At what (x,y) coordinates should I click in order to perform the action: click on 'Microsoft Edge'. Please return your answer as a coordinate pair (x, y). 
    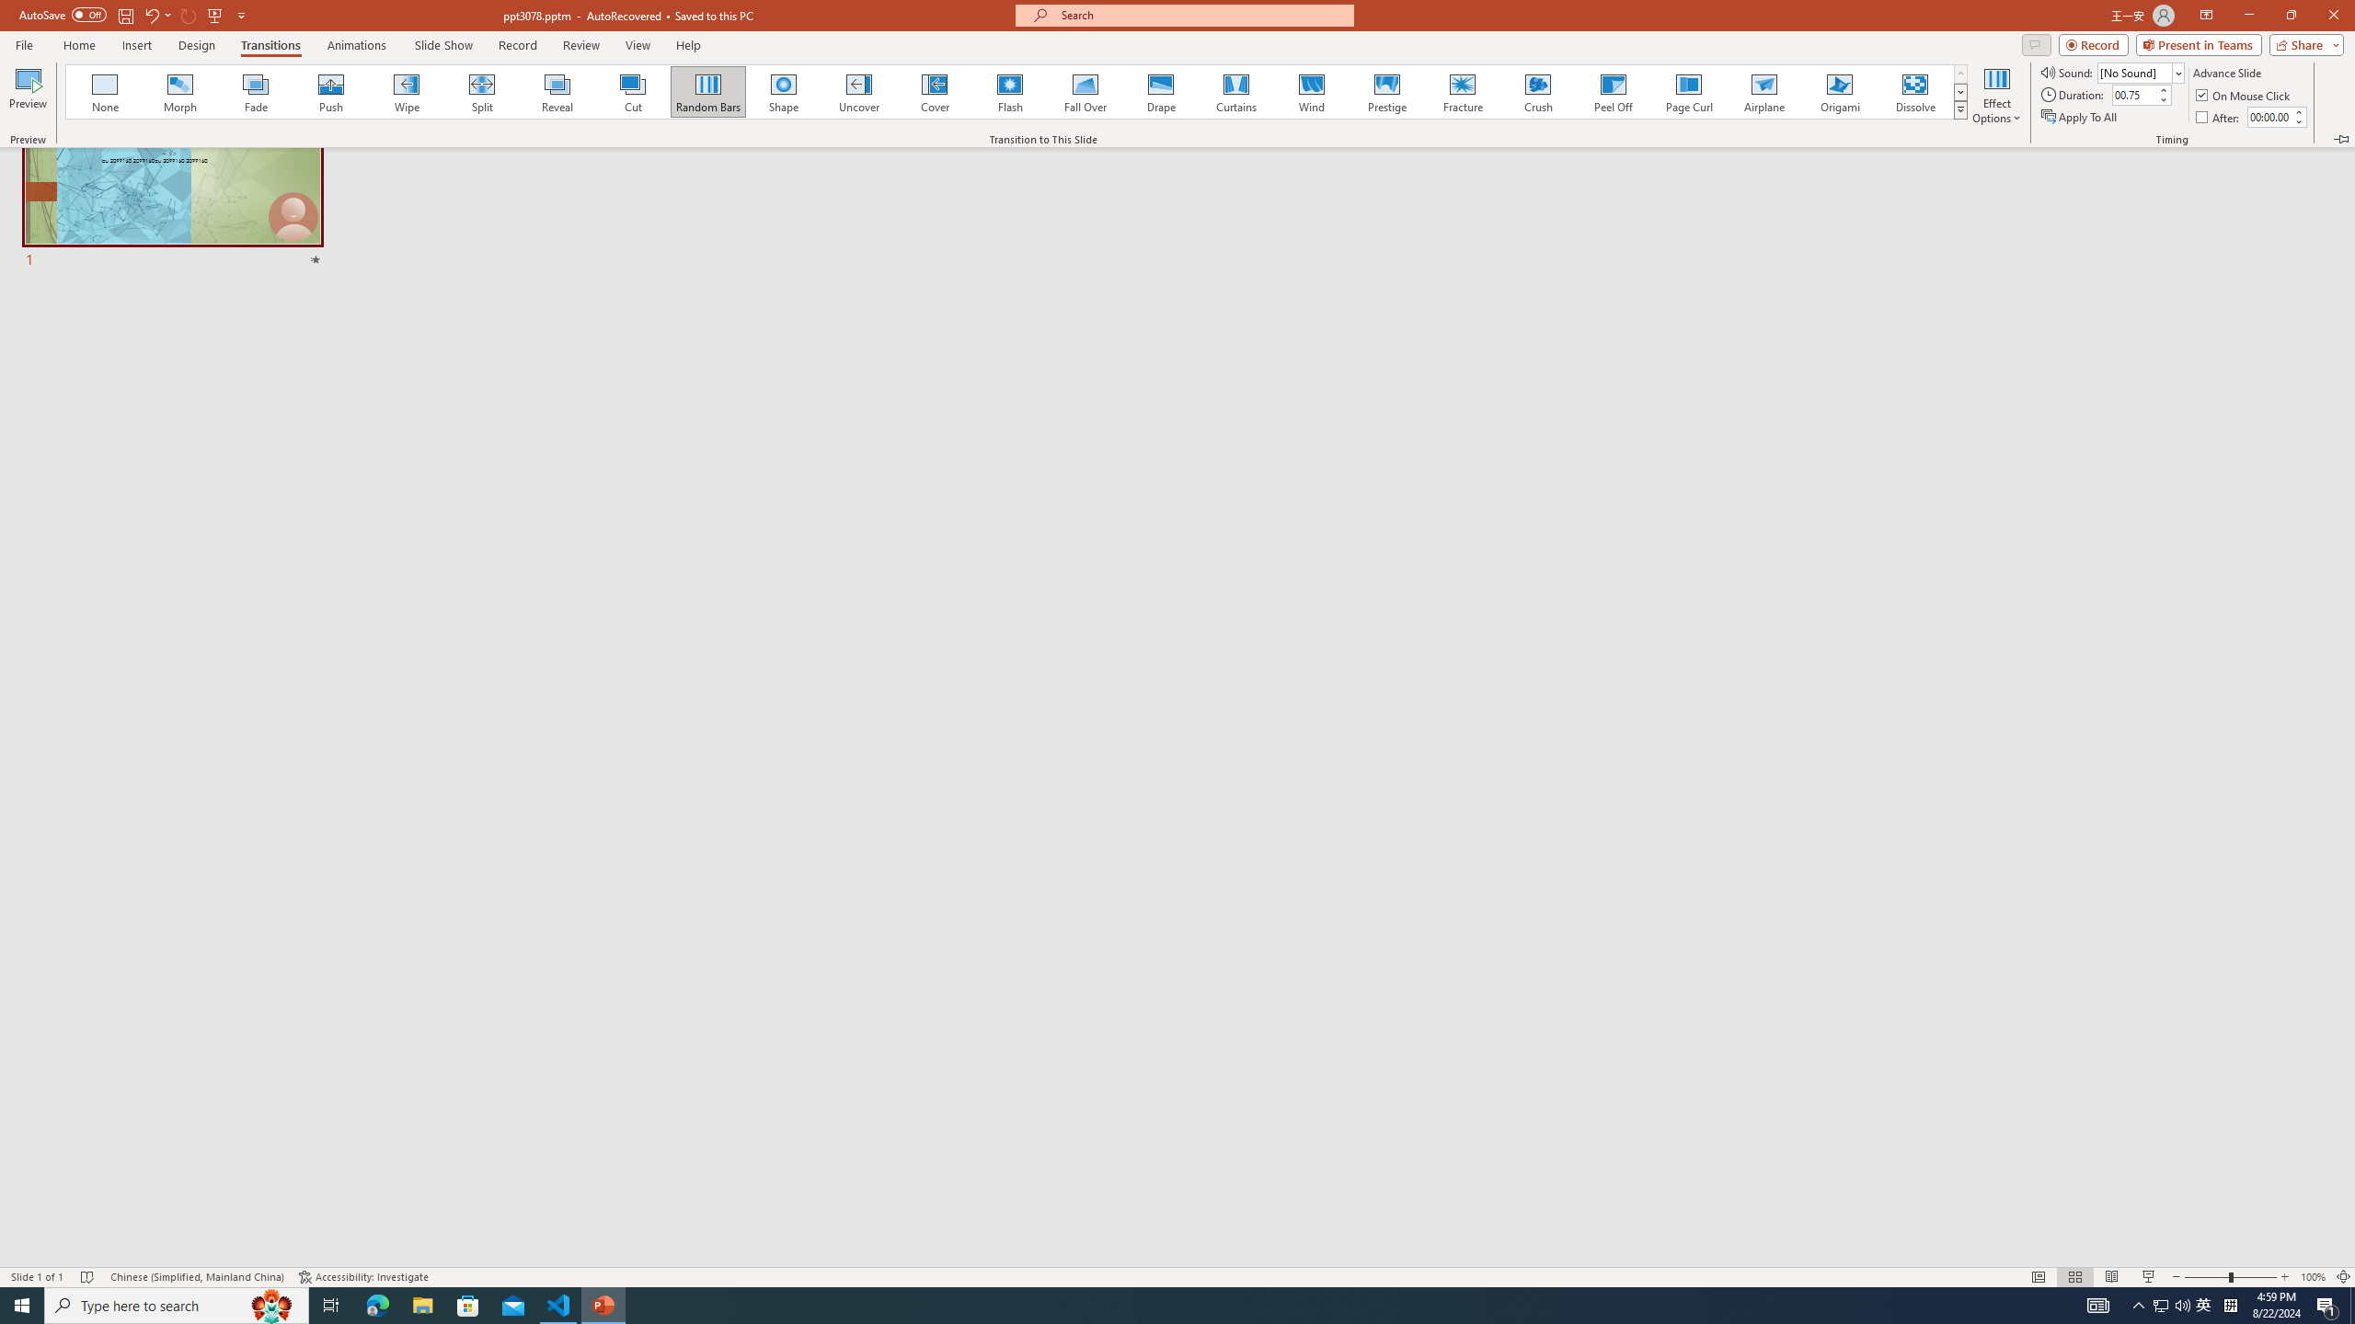
    Looking at the image, I should click on (376, 1304).